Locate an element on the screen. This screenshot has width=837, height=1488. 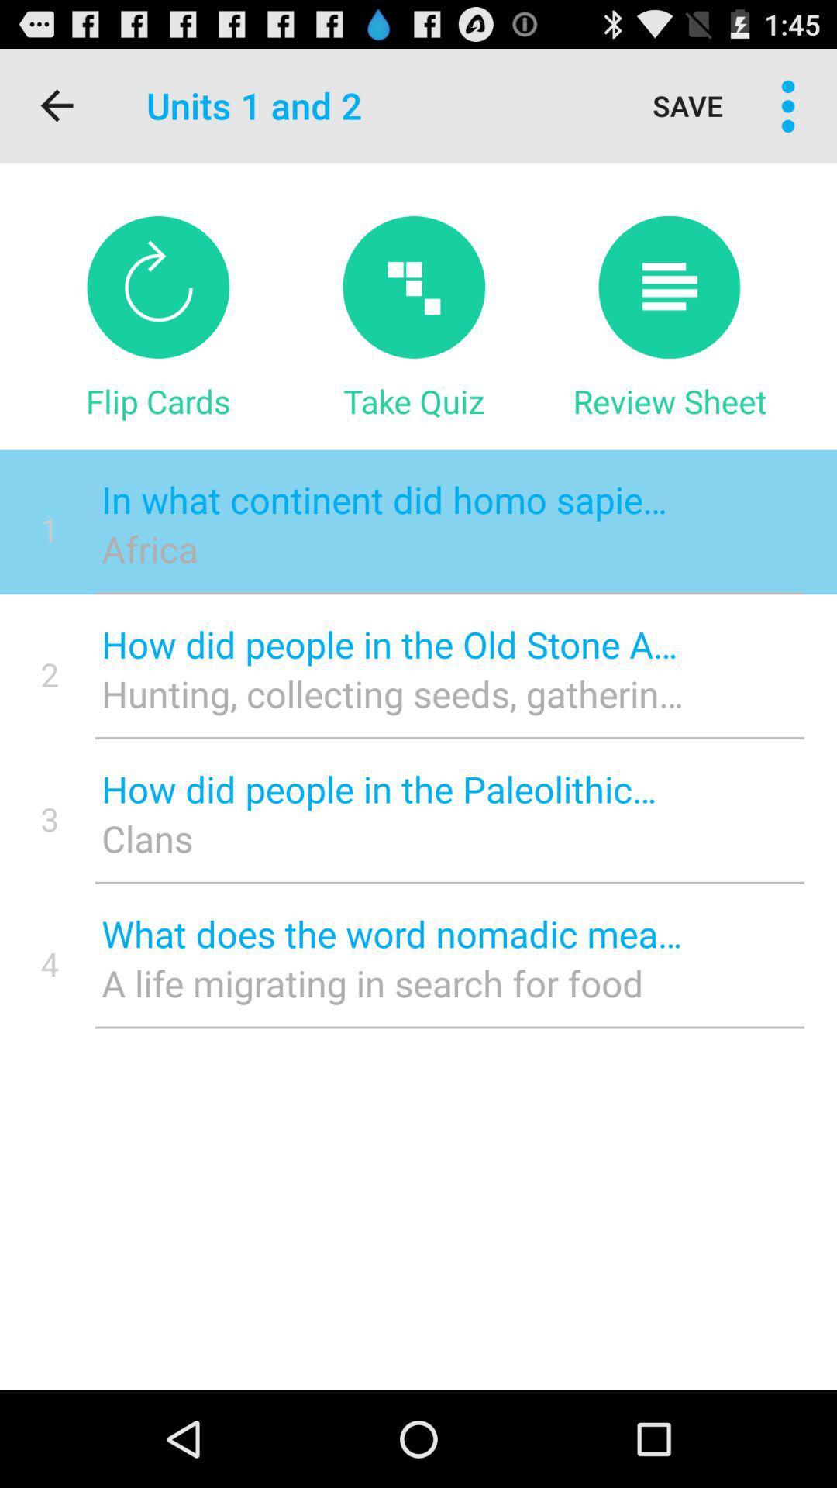
the item above the a life migrating item is located at coordinates (391, 932).